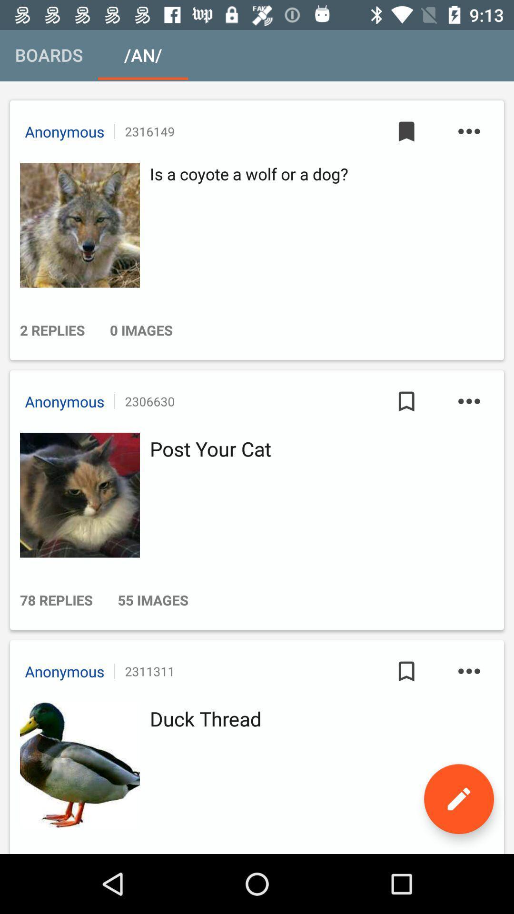  I want to click on write on board, so click(458, 799).